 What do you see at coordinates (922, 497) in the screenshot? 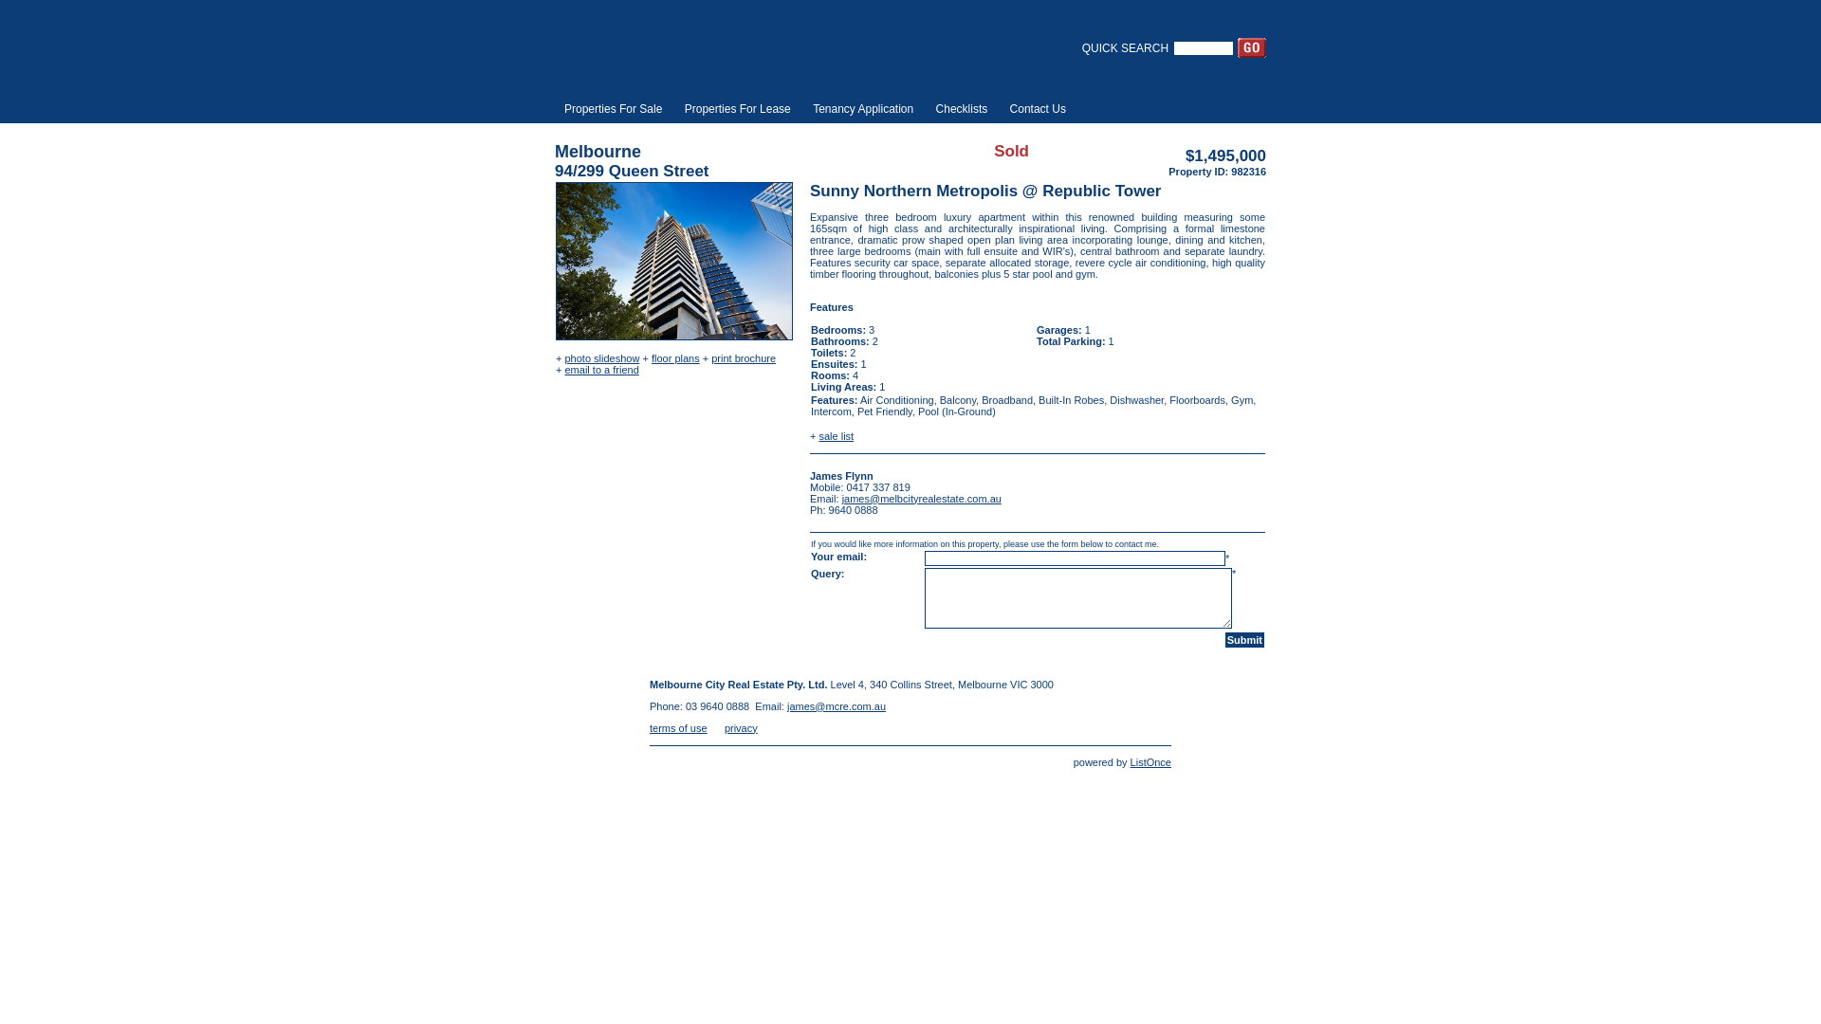
I see `'james@melbcityrealestate.com.au'` at bounding box center [922, 497].